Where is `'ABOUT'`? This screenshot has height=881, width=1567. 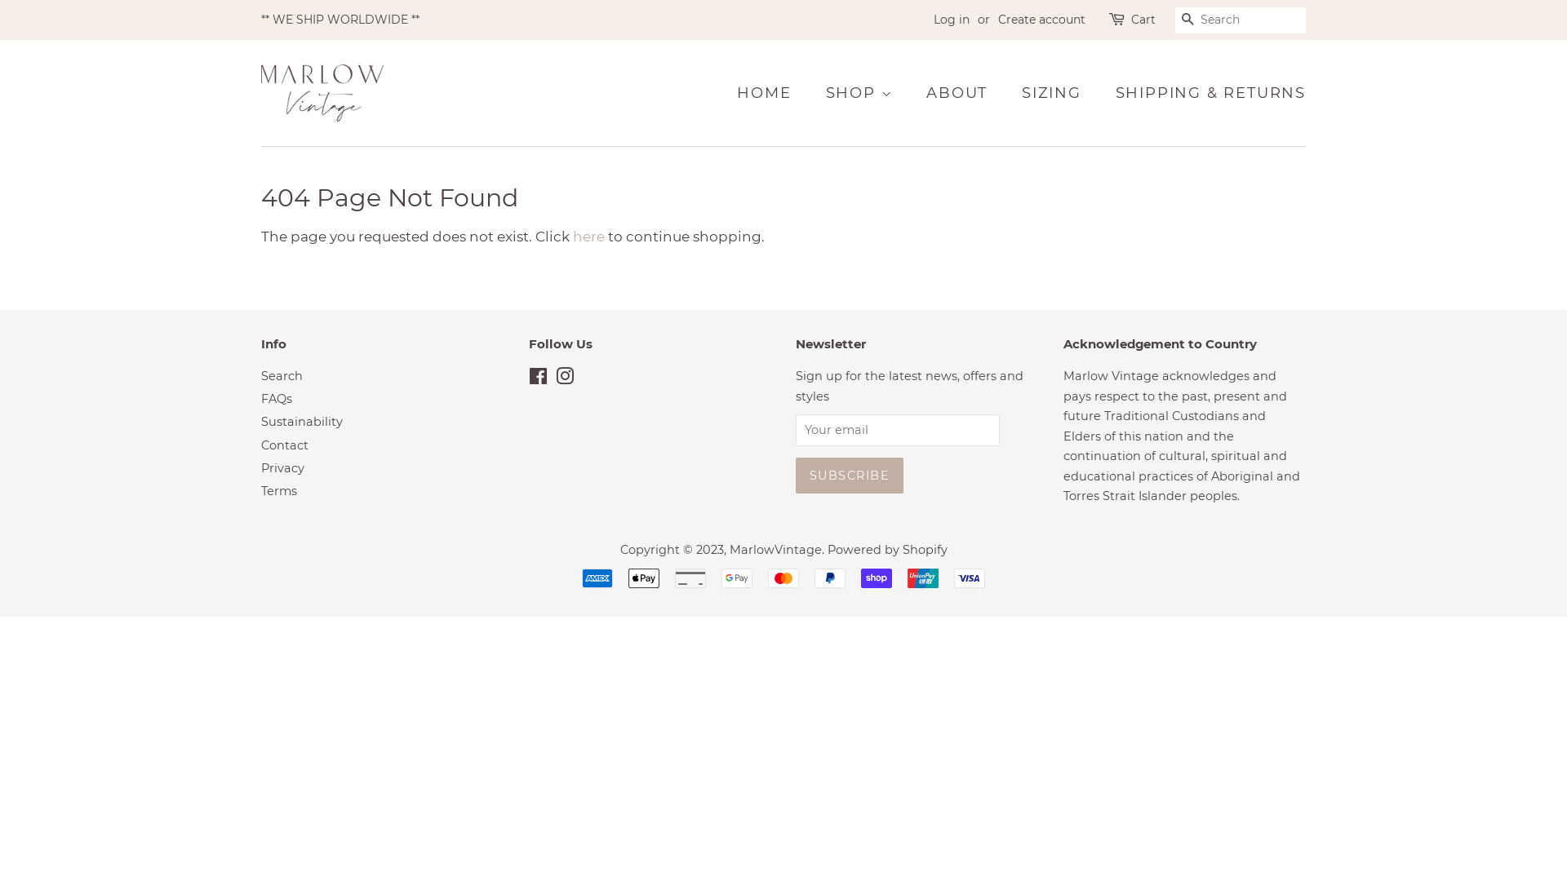
'ABOUT' is located at coordinates (959, 93).